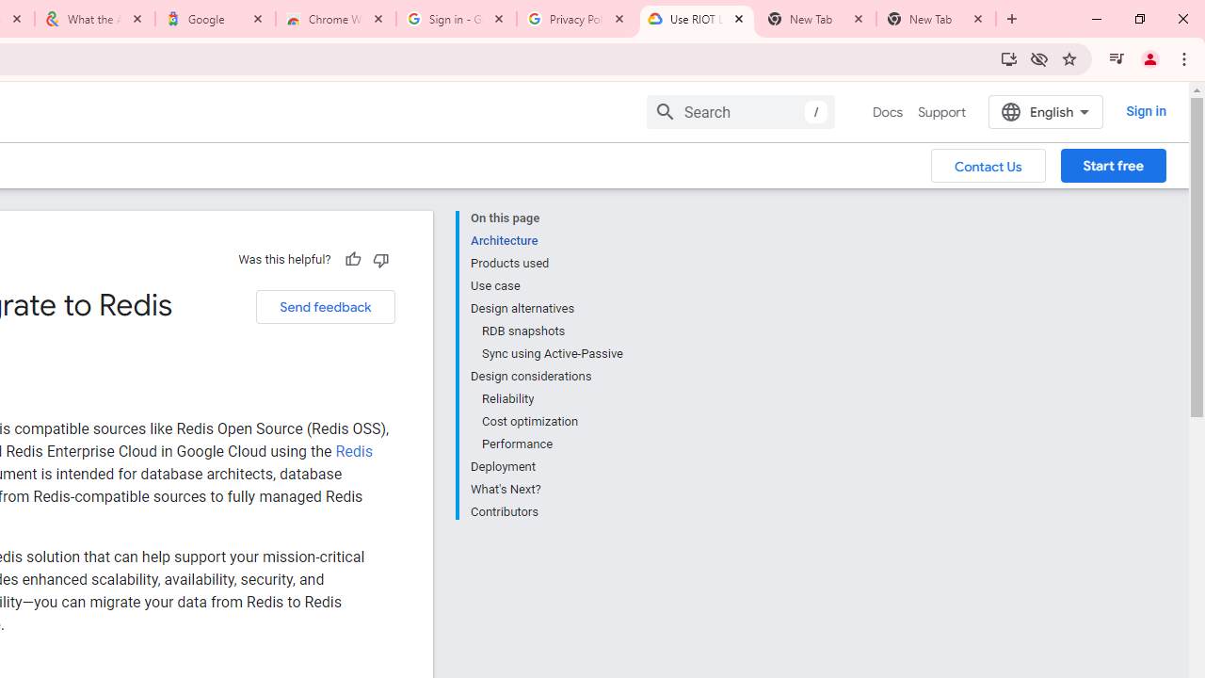  What do you see at coordinates (886, 112) in the screenshot?
I see `'Docs, selected'` at bounding box center [886, 112].